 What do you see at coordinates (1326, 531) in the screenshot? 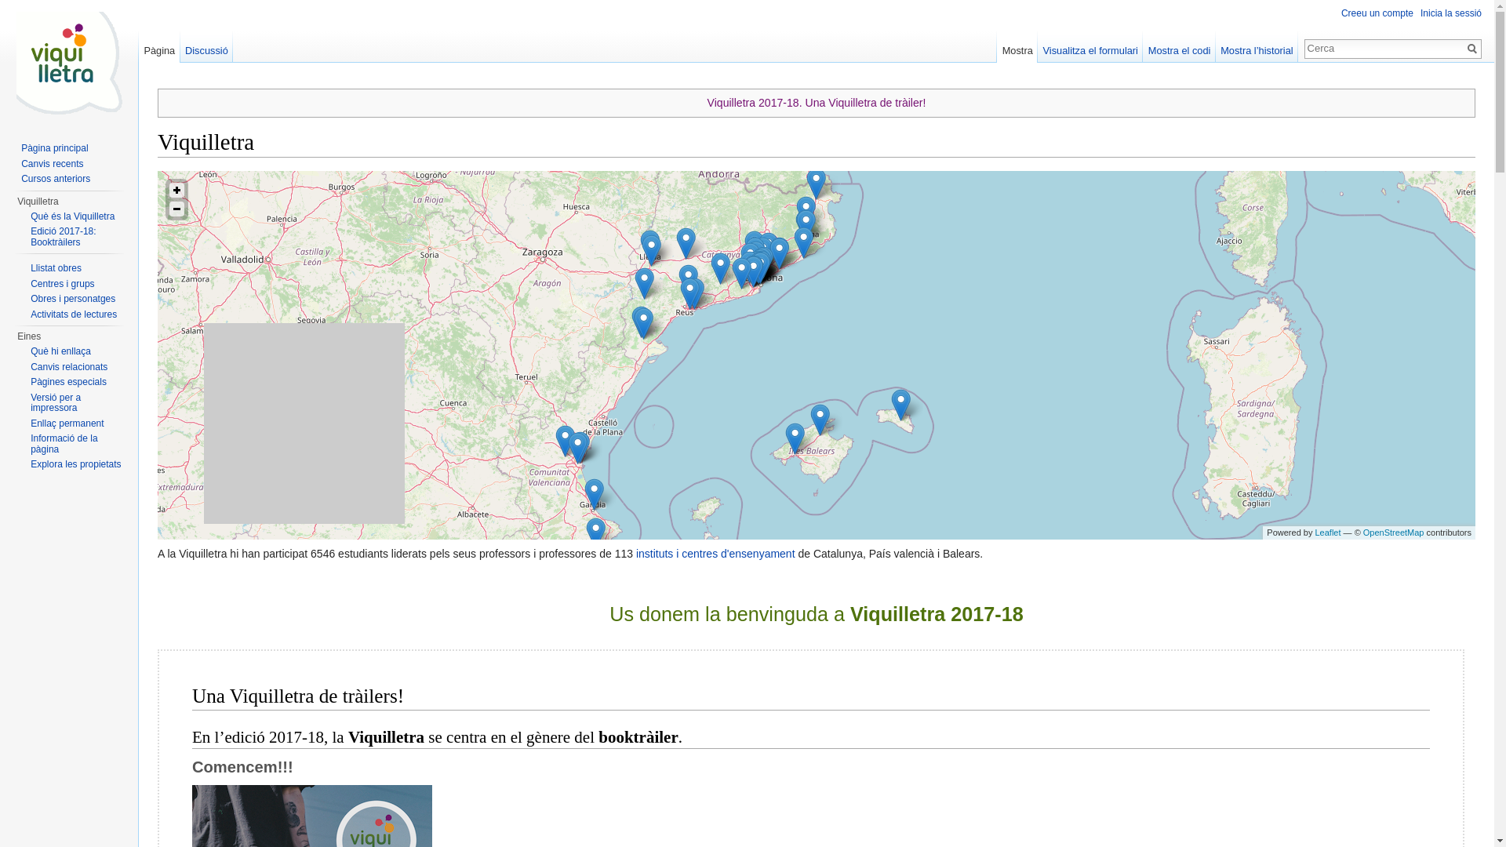
I see `'Leaflet'` at bounding box center [1326, 531].